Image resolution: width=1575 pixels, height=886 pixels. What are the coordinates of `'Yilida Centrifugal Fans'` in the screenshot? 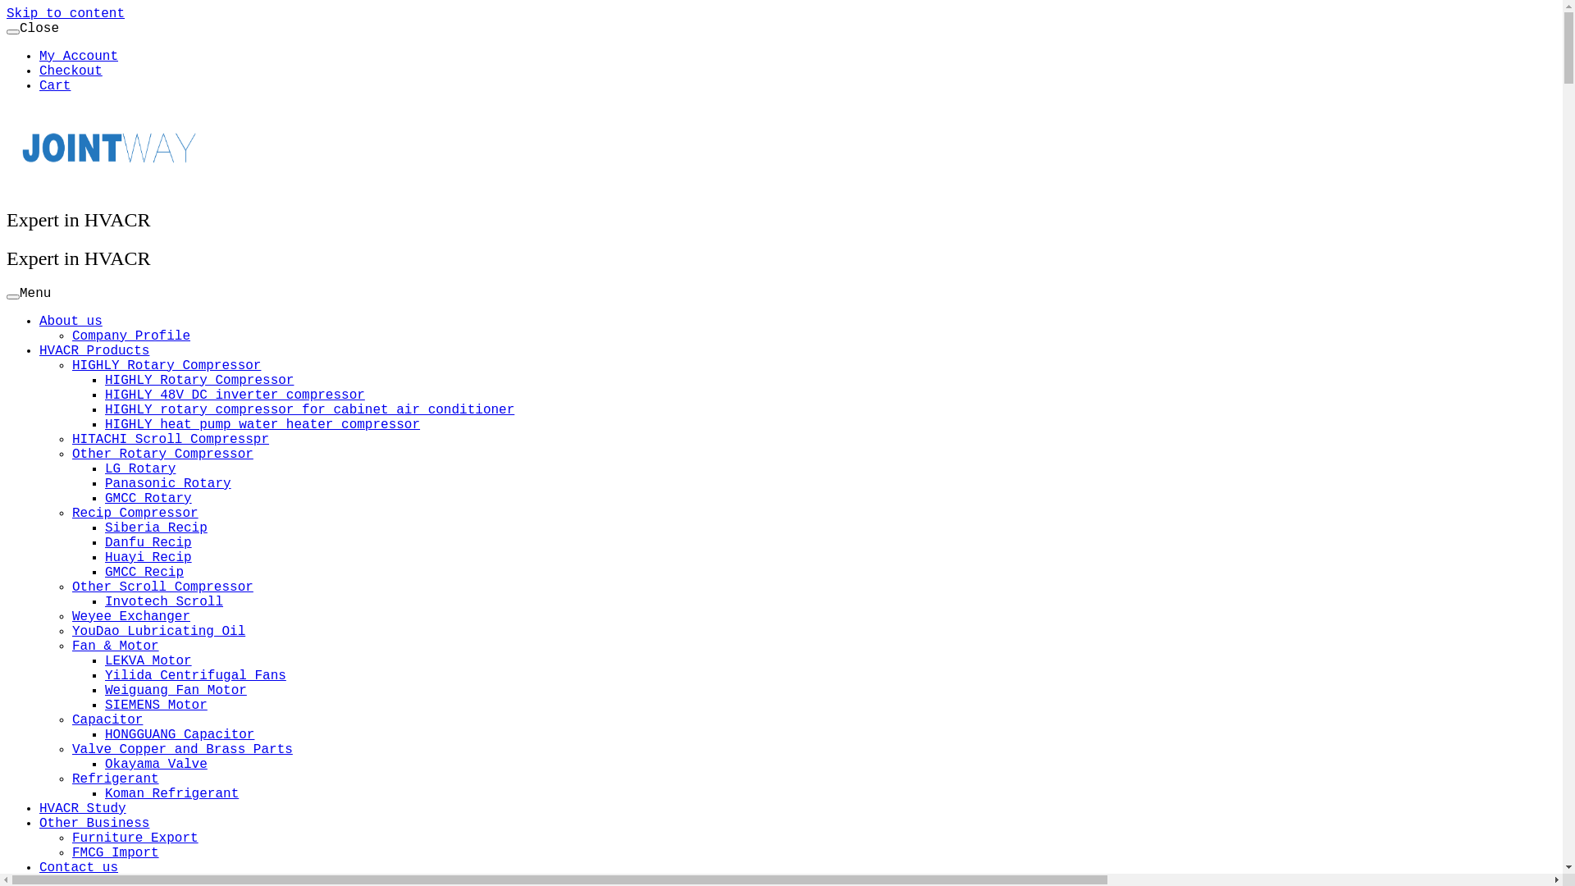 It's located at (195, 676).